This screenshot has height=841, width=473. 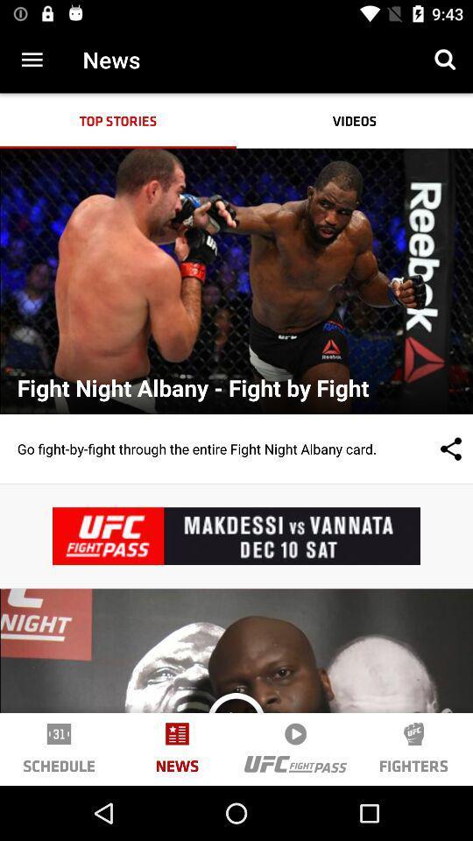 I want to click on opens an advertisement, so click(x=236, y=535).